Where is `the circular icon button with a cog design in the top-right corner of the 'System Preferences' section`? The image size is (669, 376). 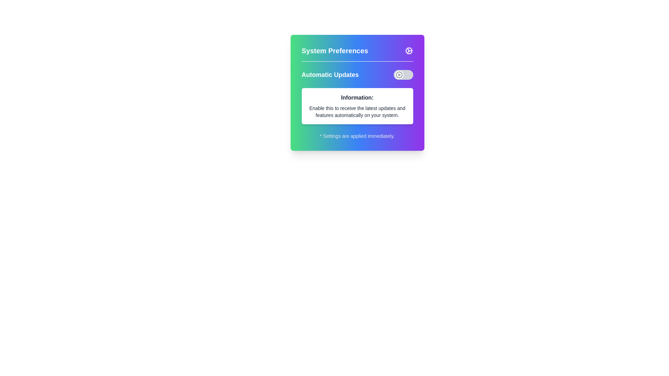 the circular icon button with a cog design in the top-right corner of the 'System Preferences' section is located at coordinates (409, 50).